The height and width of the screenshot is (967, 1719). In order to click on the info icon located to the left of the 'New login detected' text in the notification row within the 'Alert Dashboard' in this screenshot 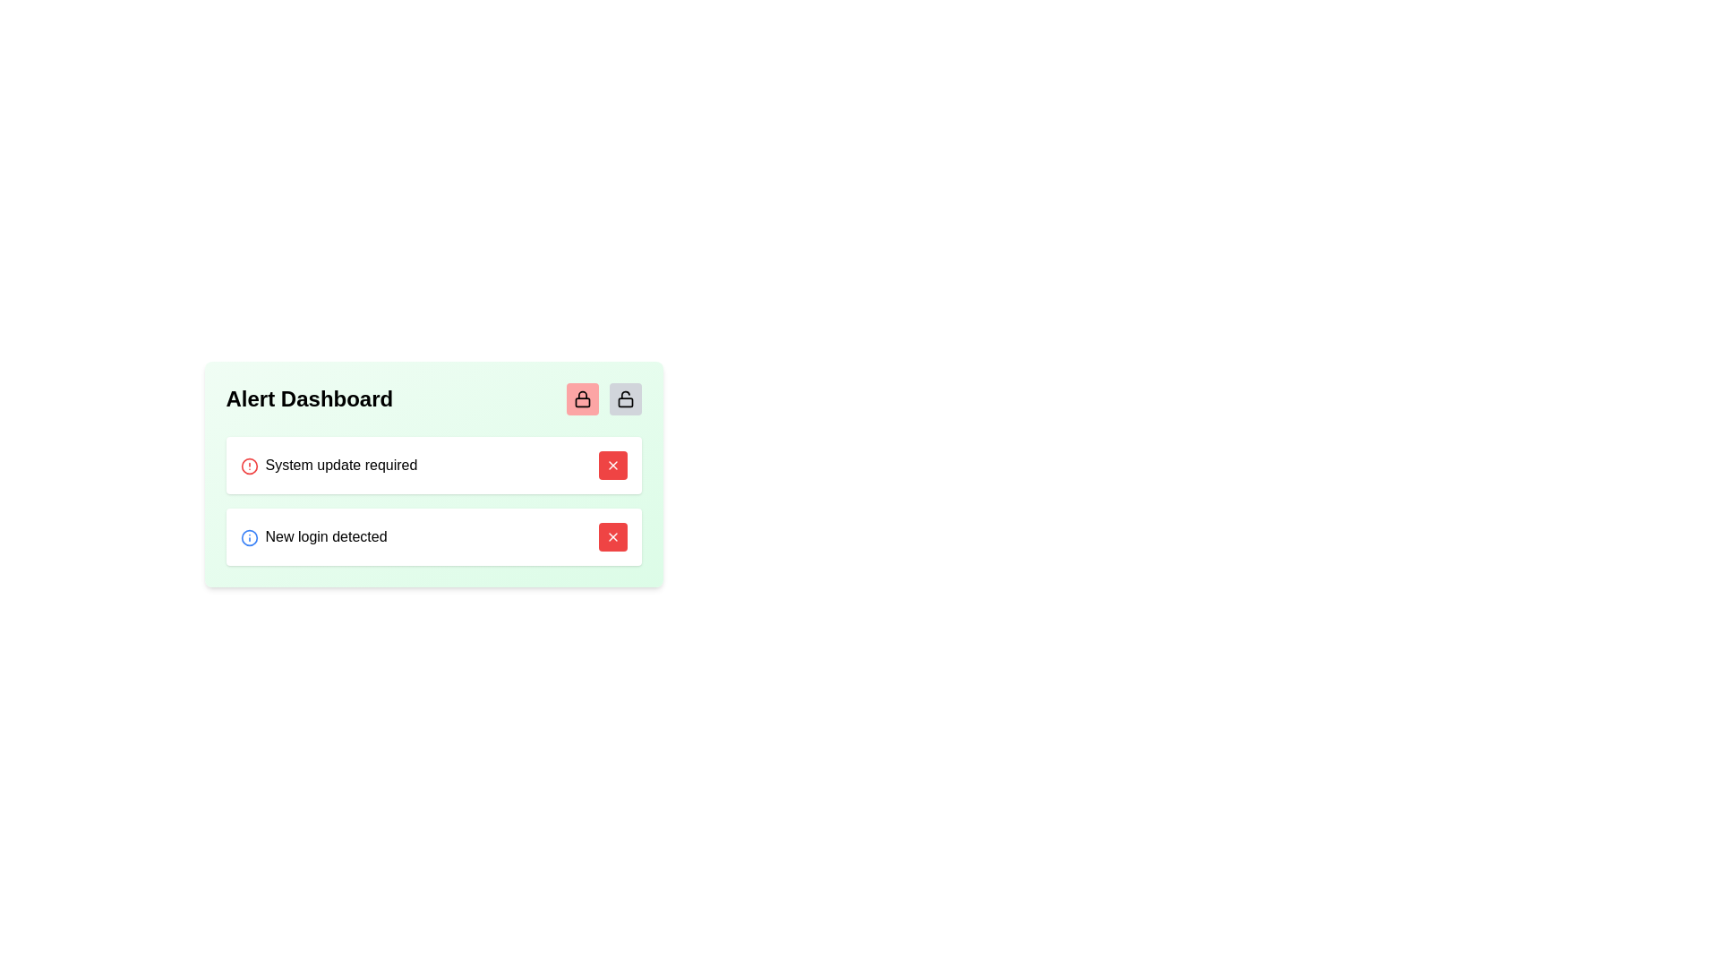, I will do `click(248, 536)`.